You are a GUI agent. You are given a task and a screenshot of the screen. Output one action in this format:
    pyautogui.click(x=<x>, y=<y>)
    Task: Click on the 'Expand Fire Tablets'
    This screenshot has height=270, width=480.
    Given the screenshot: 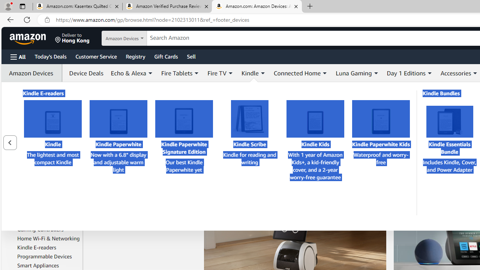 What is the action you would take?
    pyautogui.click(x=196, y=73)
    